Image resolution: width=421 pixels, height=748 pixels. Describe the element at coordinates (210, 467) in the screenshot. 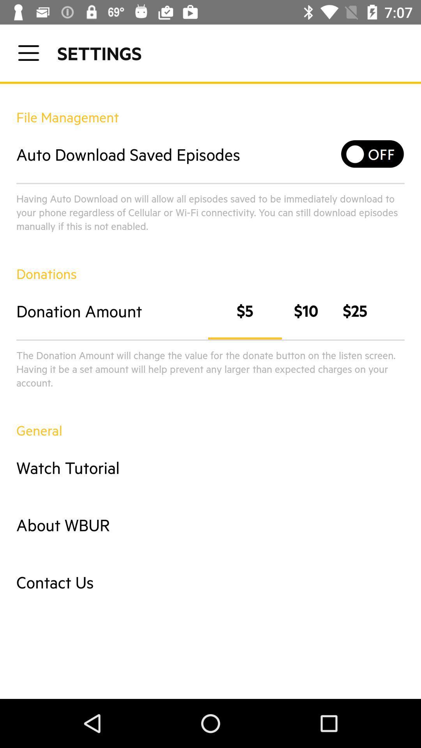

I see `item above the about wbur icon` at that location.